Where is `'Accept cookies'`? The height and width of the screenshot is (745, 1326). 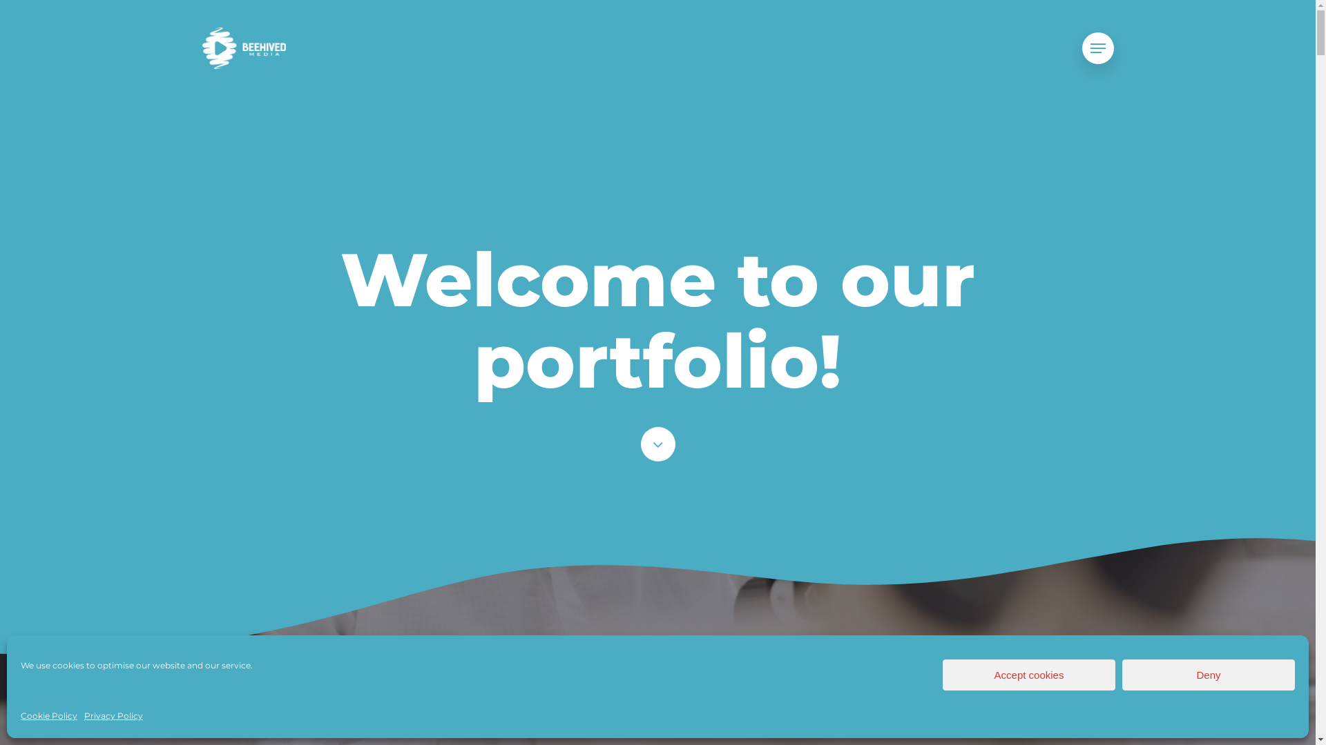 'Accept cookies' is located at coordinates (941, 674).